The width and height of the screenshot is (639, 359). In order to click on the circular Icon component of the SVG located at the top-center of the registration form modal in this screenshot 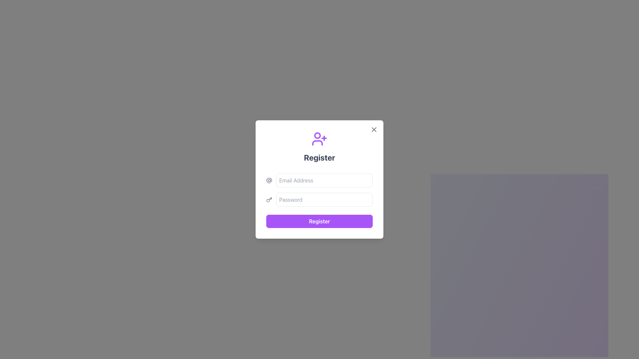, I will do `click(317, 135)`.